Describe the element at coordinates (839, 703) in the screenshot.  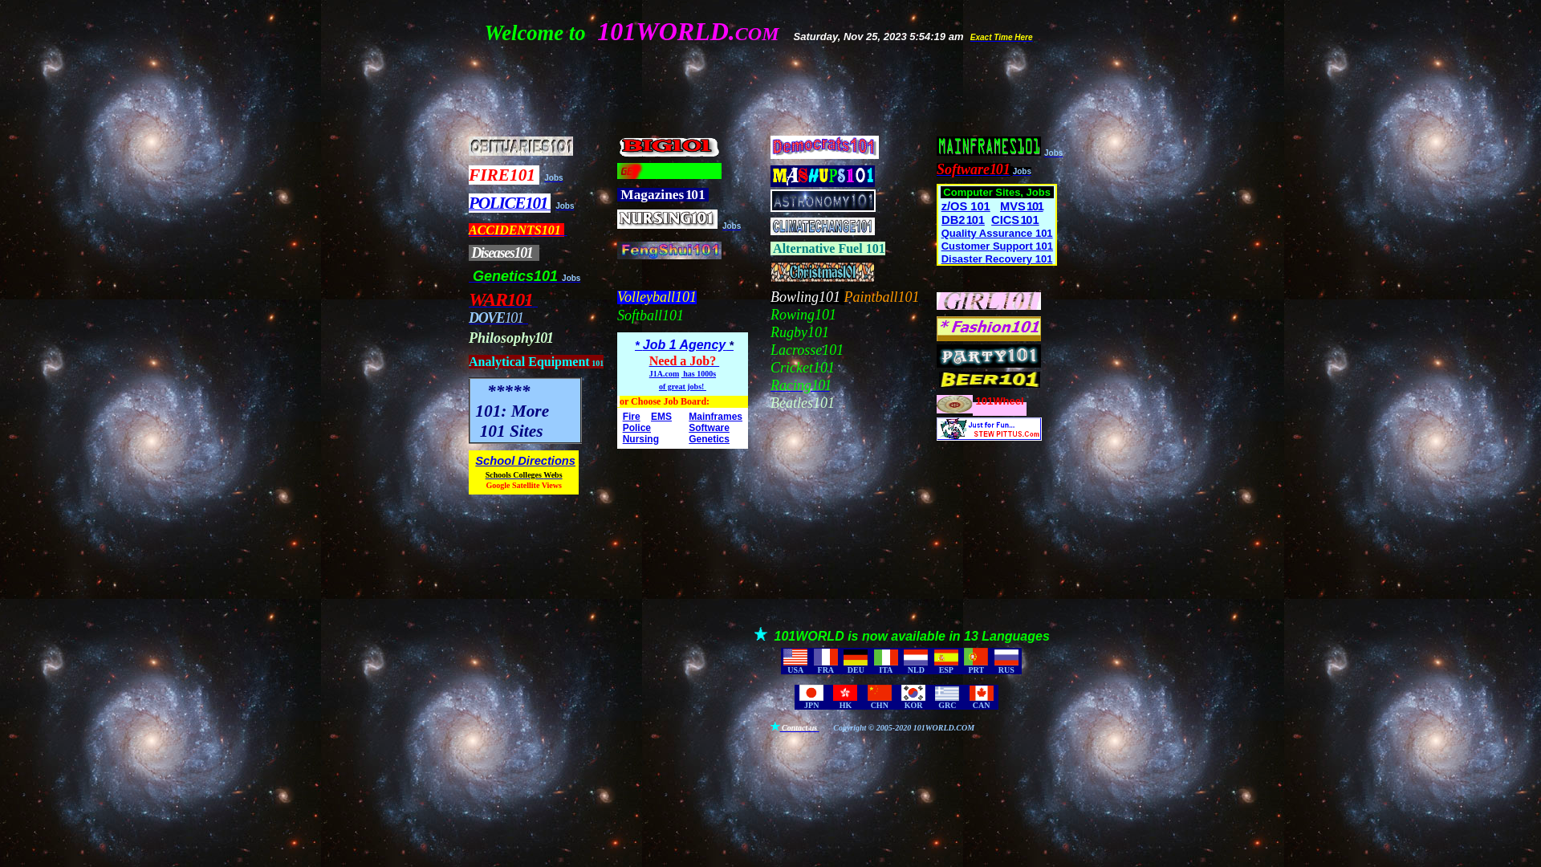
I see `'HK'` at that location.